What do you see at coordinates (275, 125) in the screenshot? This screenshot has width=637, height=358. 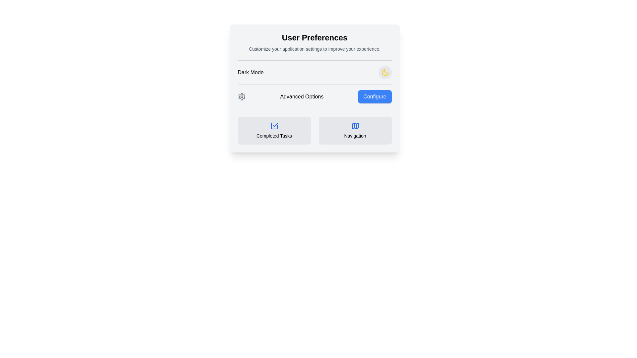 I see `the checkmark icon within the square outline, which is part of the 'Completed Tasks' section under 'User Preferences'` at bounding box center [275, 125].